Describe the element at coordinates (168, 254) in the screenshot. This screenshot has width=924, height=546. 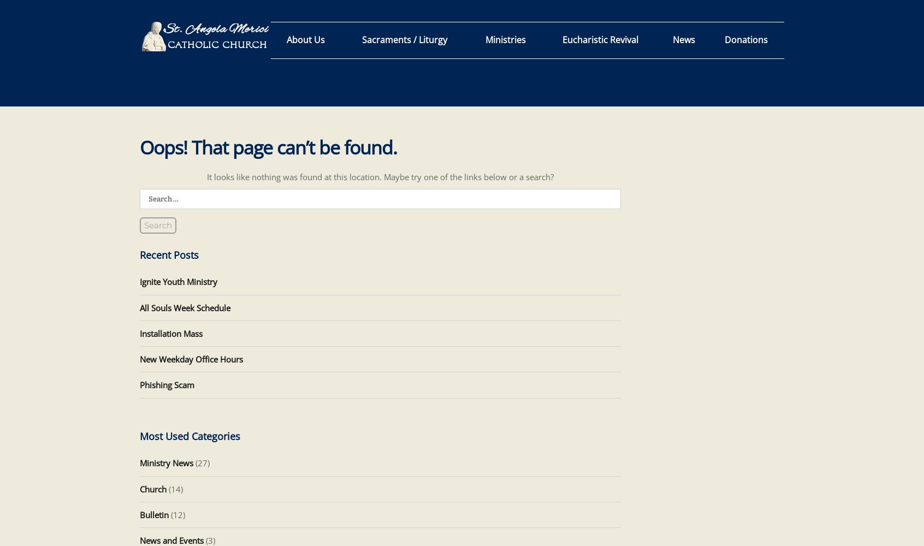
I see `'Recent Posts'` at that location.